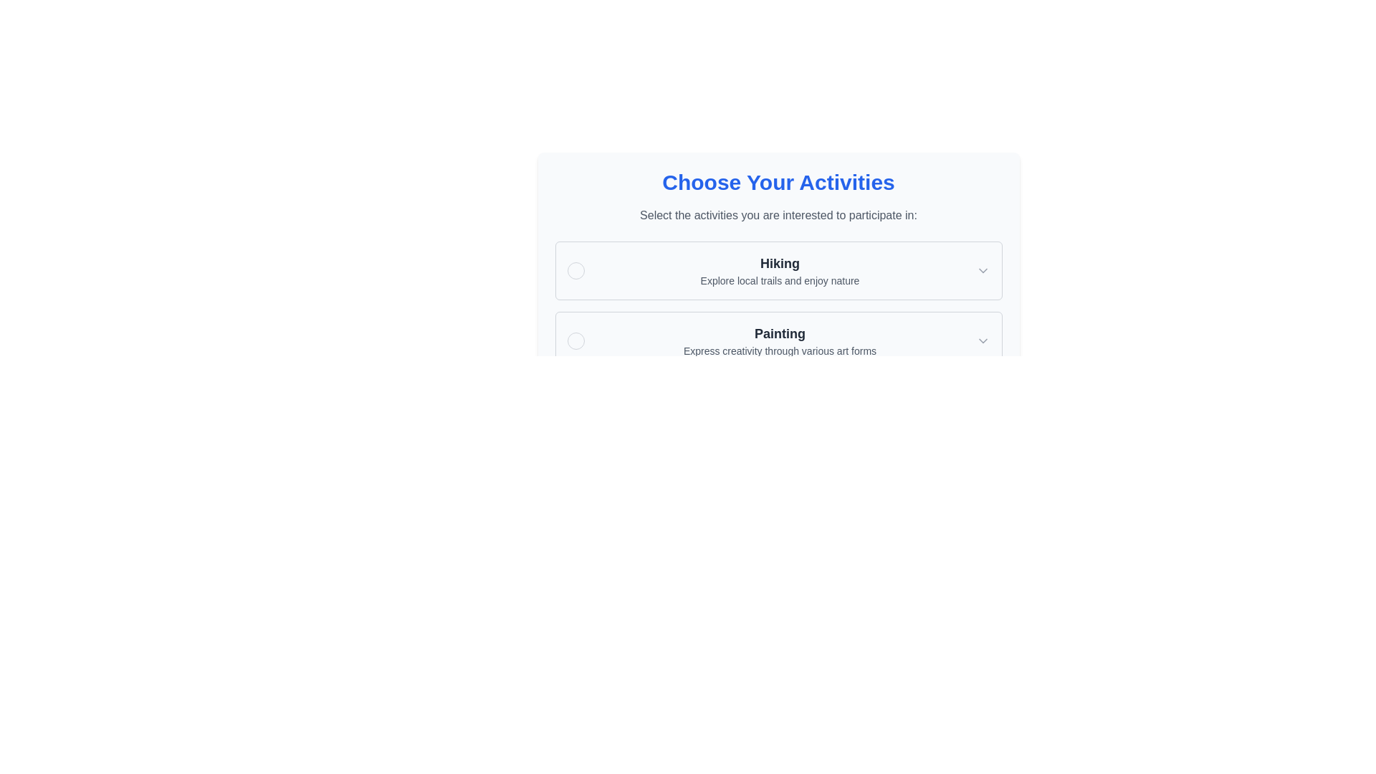 The height and width of the screenshot is (774, 1376). Describe the element at coordinates (779, 281) in the screenshot. I see `the text label displaying 'Explore local trails and enjoy nature', which is a subtle description below the 'Hiking' title` at that location.